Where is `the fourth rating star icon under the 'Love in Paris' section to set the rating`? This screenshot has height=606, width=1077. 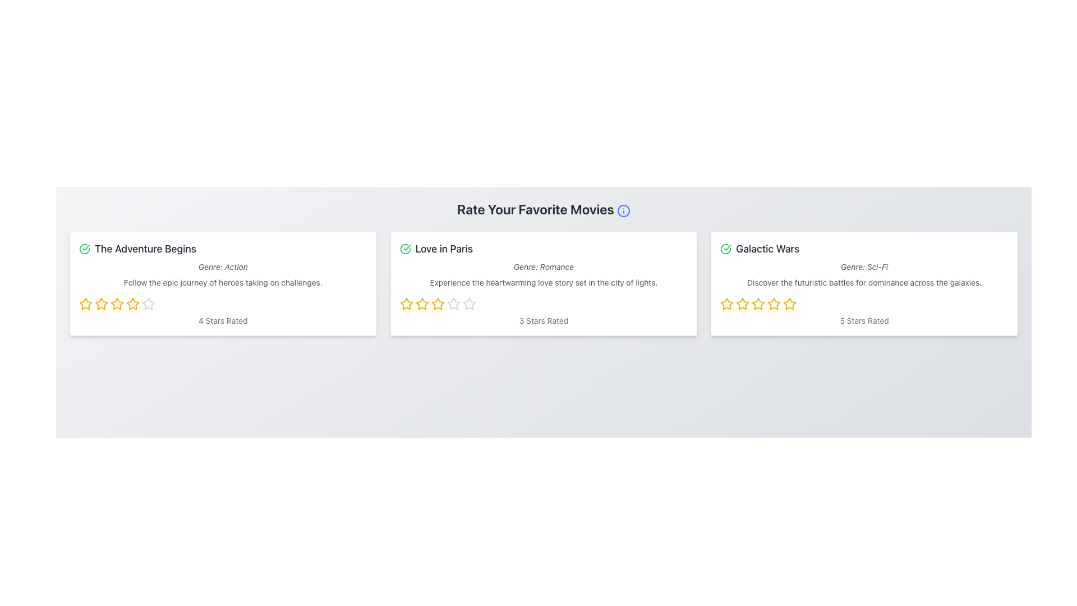 the fourth rating star icon under the 'Love in Paris' section to set the rating is located at coordinates (469, 304).